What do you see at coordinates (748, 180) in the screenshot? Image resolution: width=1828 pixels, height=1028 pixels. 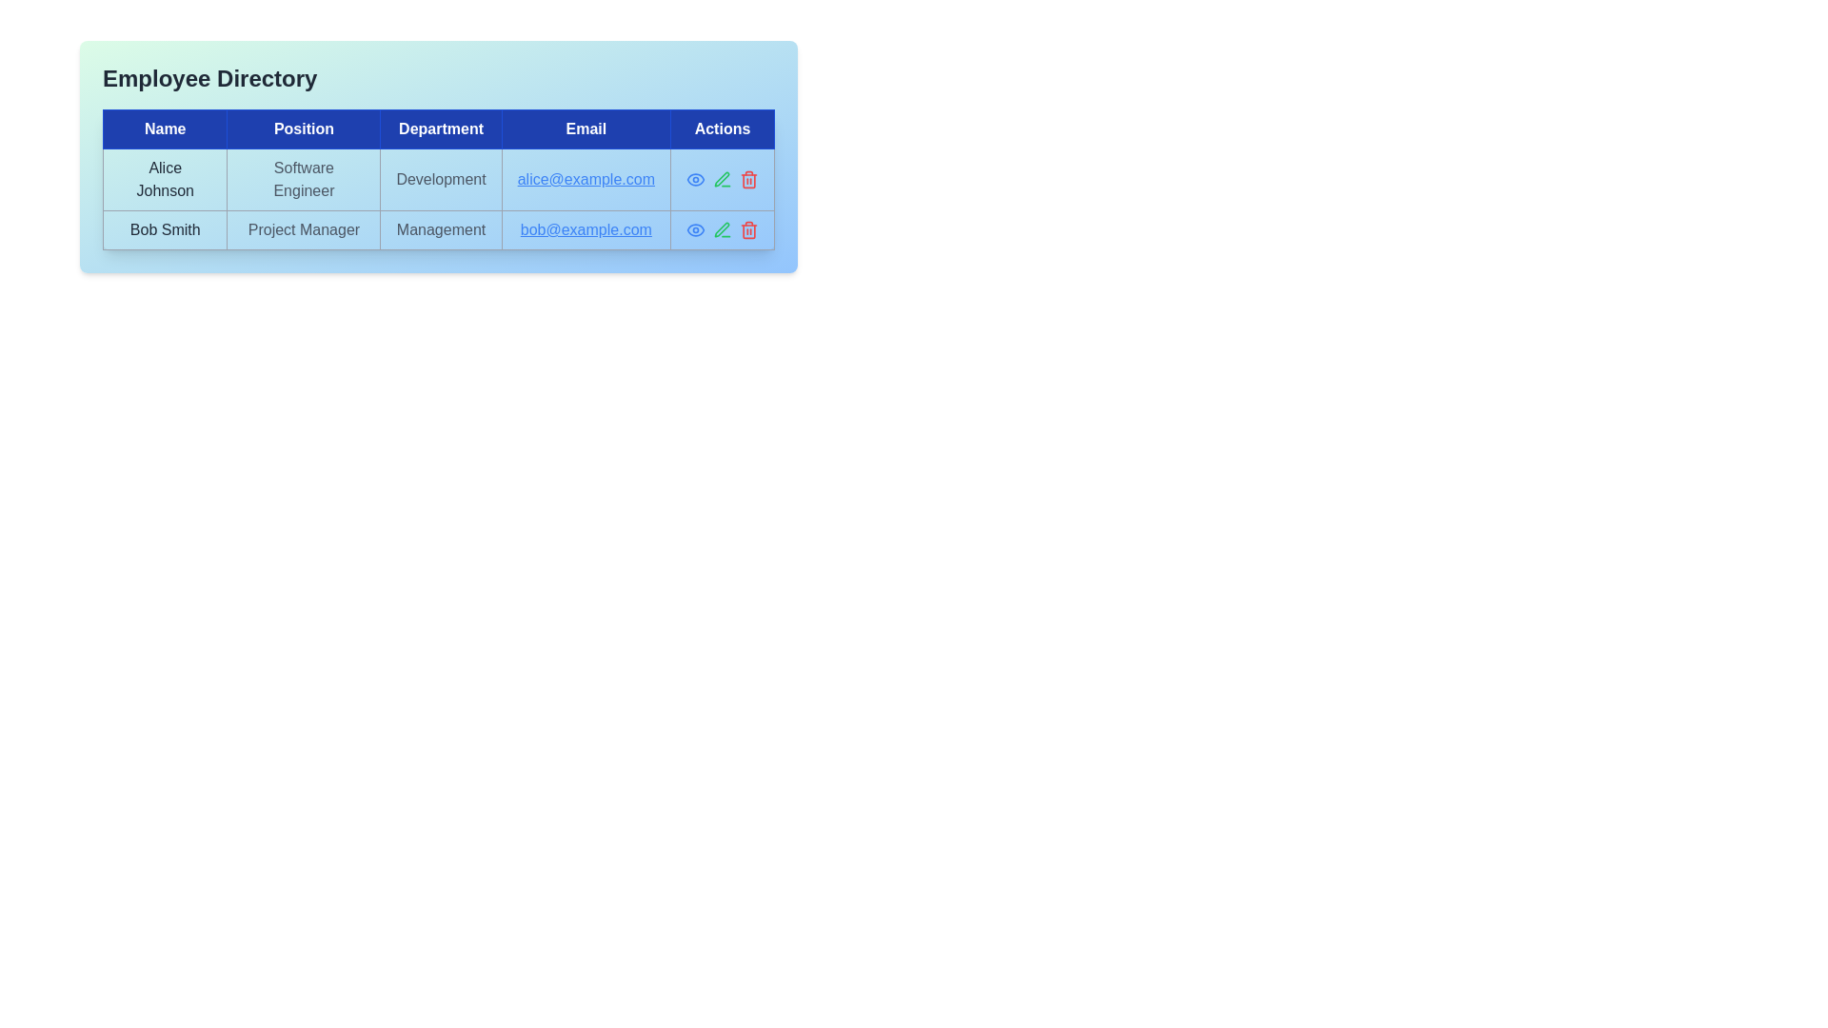 I see `the red trash bin icon located in the first row of the 'Employee Directory' table` at bounding box center [748, 180].